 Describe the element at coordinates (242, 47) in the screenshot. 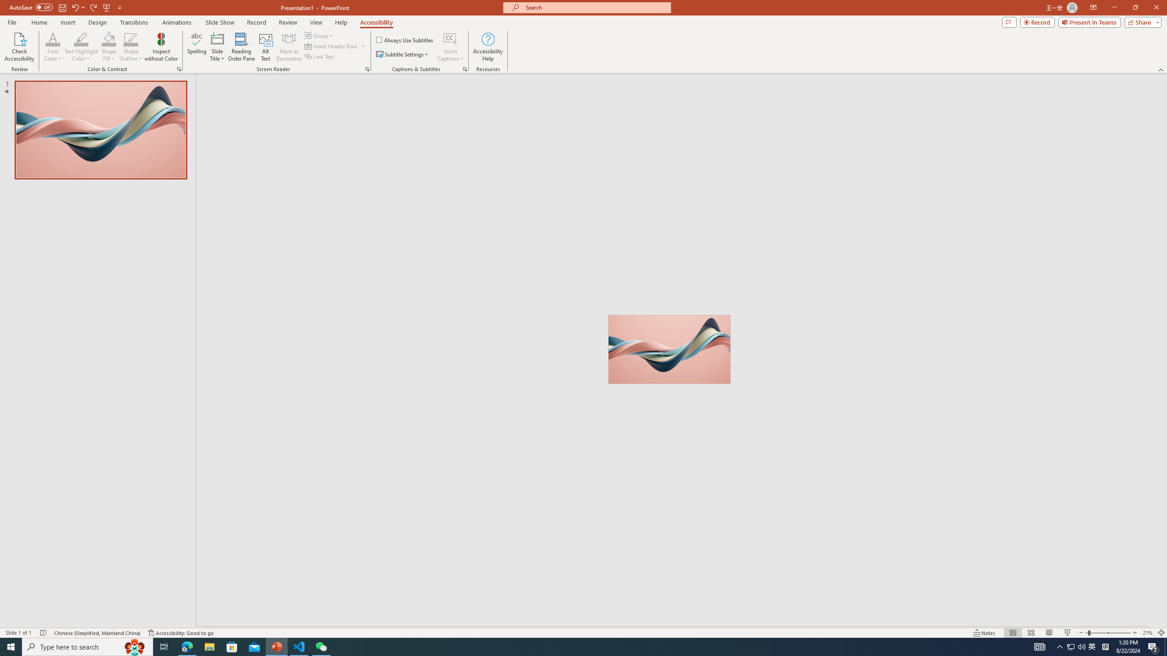

I see `'Reading Order Pane'` at that location.